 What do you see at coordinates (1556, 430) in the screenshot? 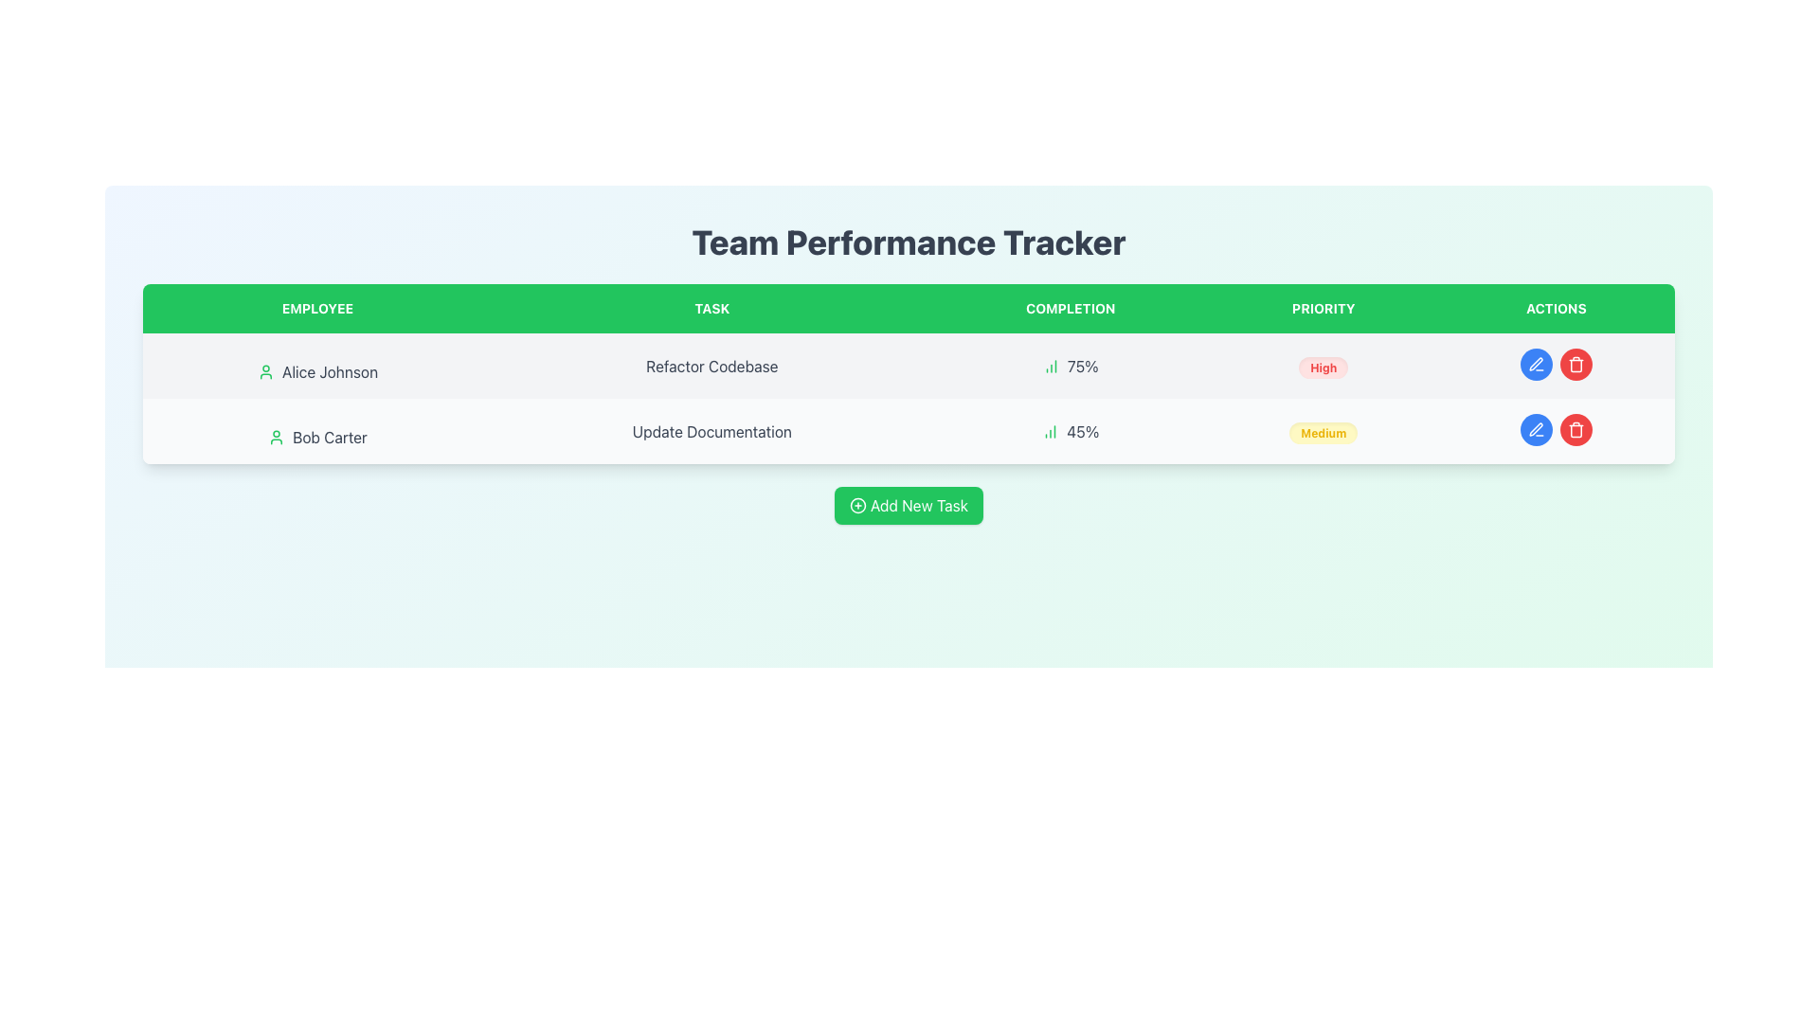
I see `the blue circular button with a white pen icon located in the last column under the 'Actions' header for 'Bob Carter'` at bounding box center [1556, 430].